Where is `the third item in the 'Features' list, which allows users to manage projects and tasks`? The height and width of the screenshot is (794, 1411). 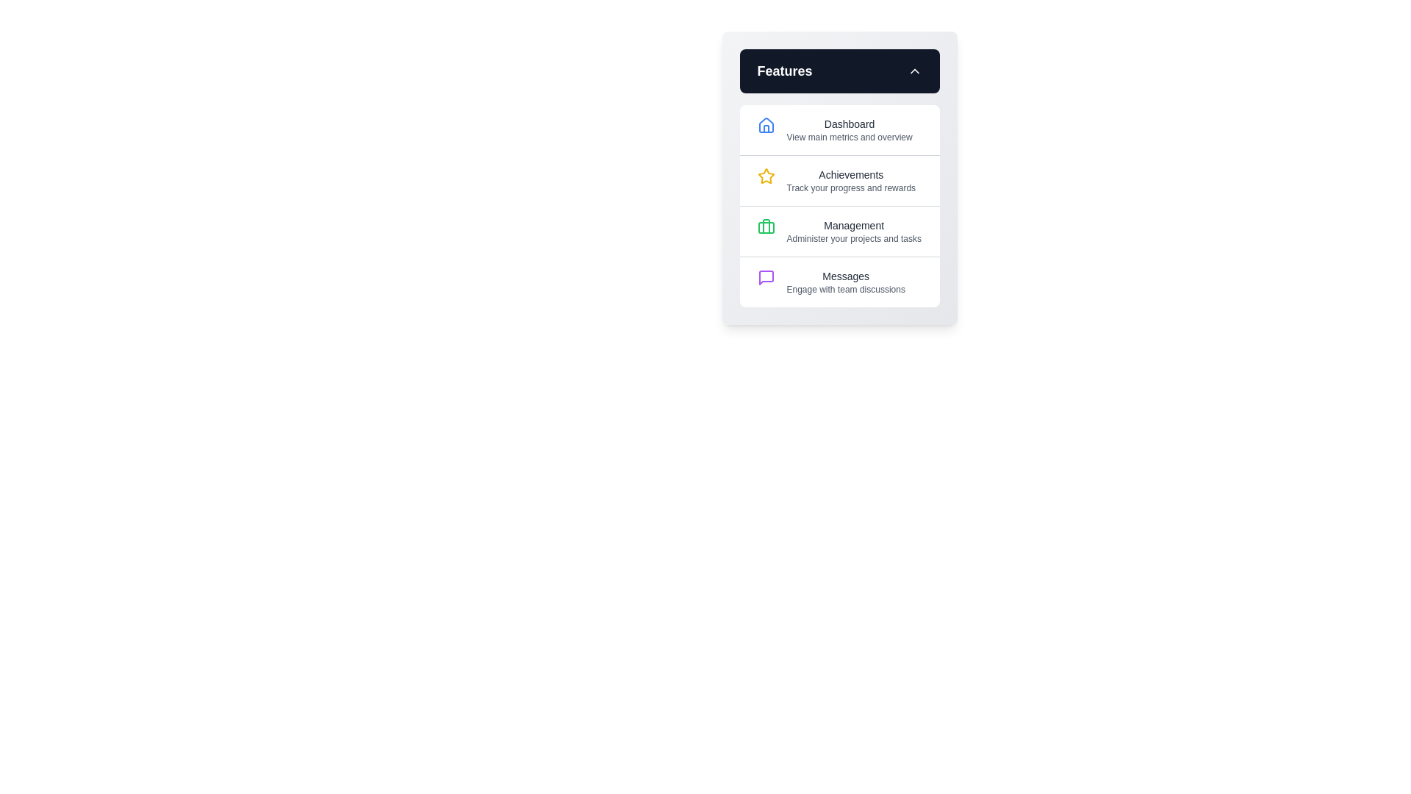
the third item in the 'Features' list, which allows users to manage projects and tasks is located at coordinates (839, 231).